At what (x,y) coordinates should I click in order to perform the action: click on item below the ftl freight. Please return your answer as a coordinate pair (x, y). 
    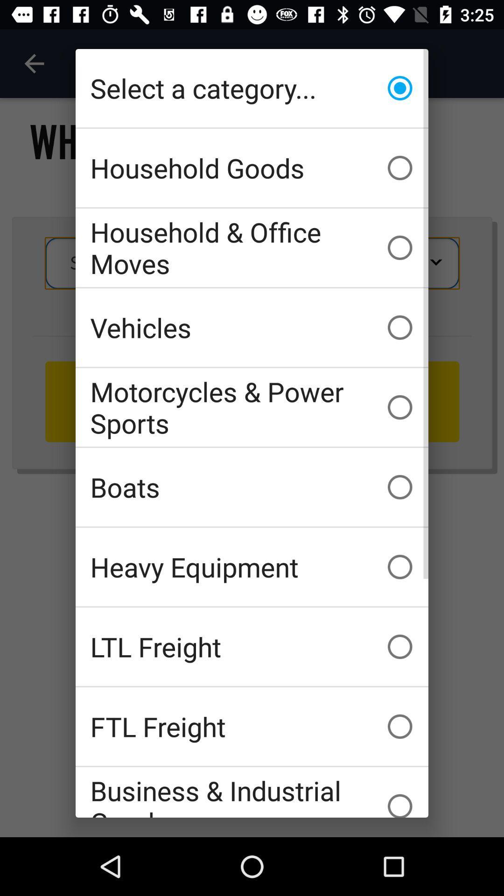
    Looking at the image, I should click on (252, 792).